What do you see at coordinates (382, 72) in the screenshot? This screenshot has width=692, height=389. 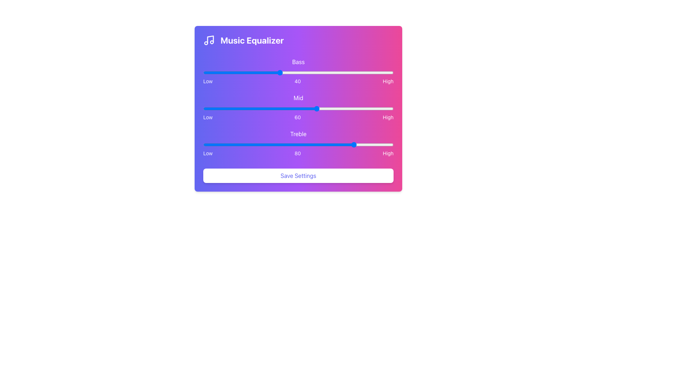 I see `the bass level` at bounding box center [382, 72].